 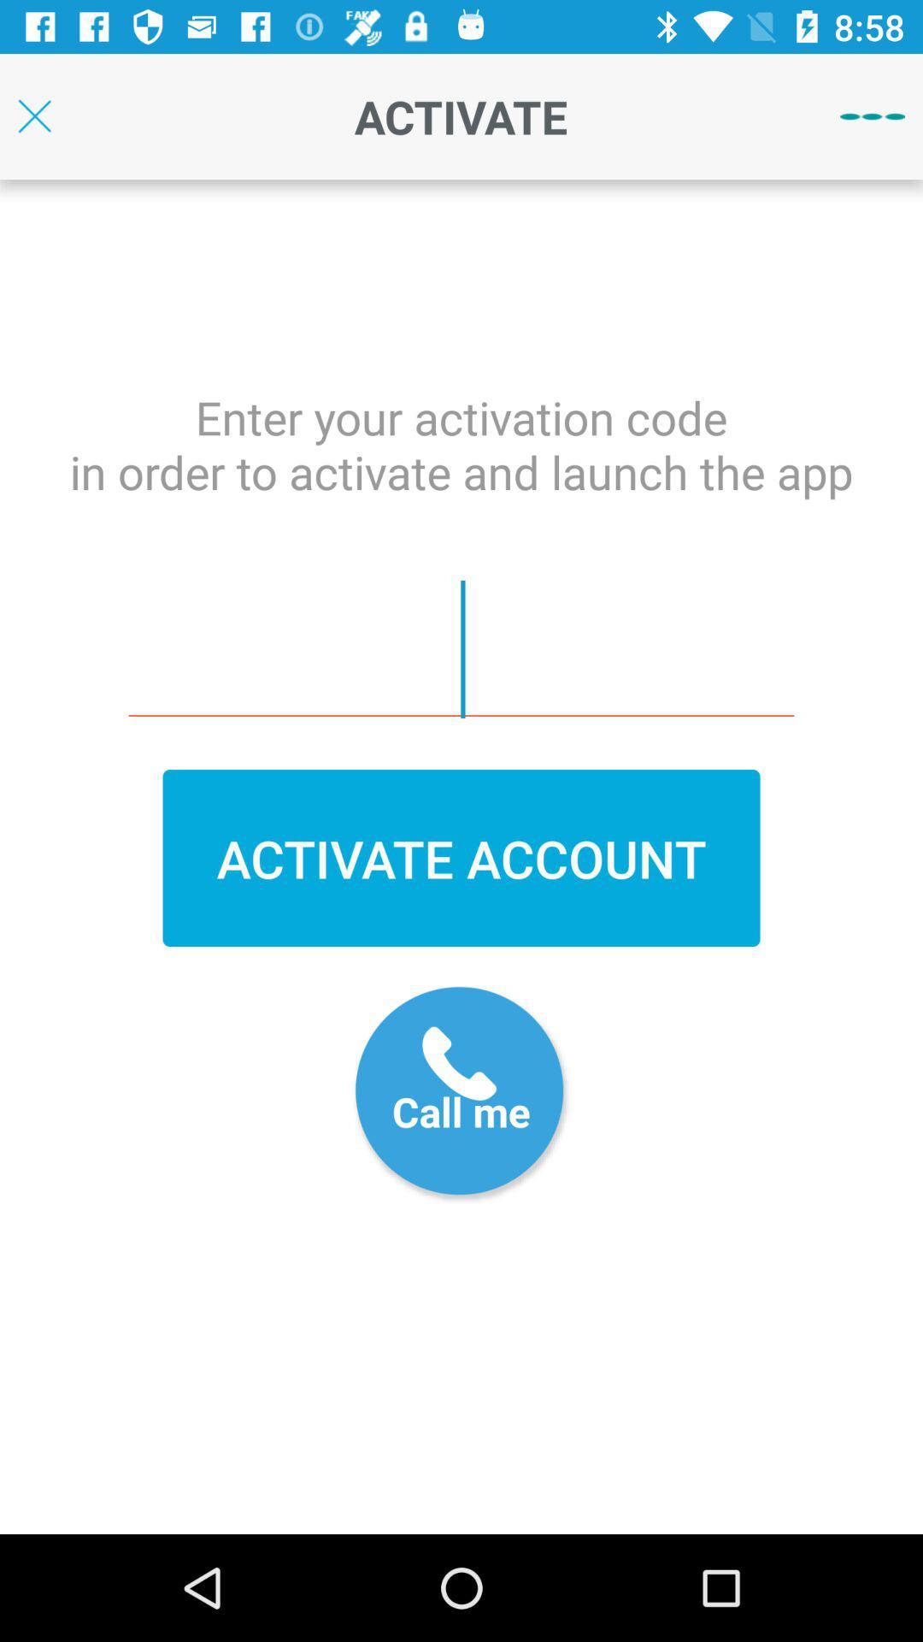 What do you see at coordinates (34, 115) in the screenshot?
I see `page` at bounding box center [34, 115].